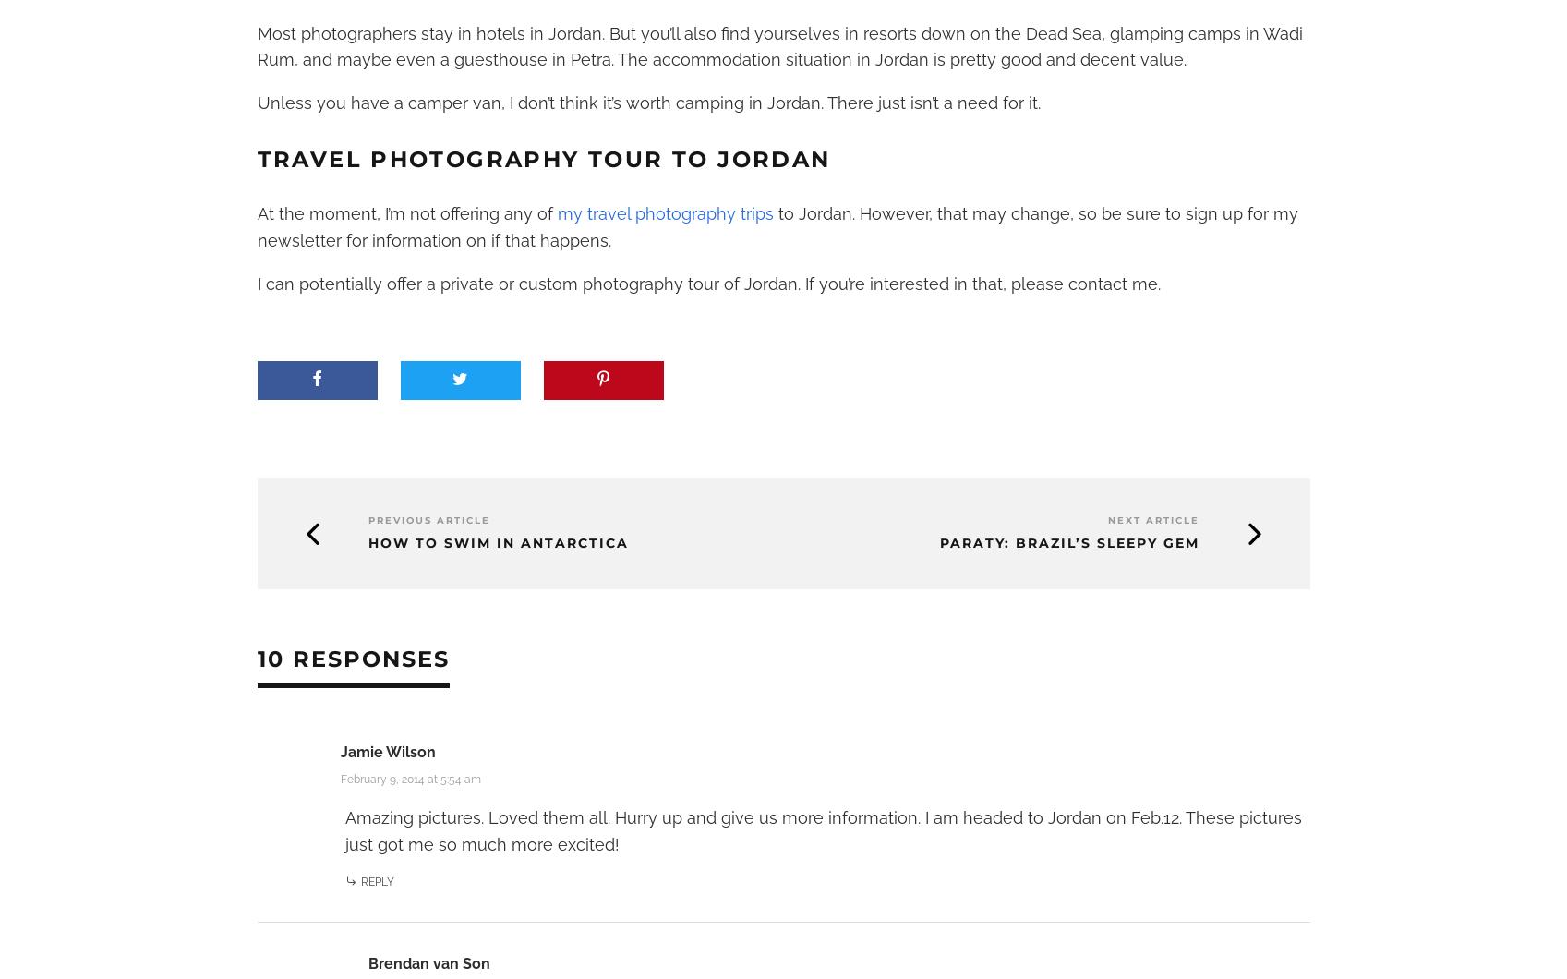 Image resolution: width=1567 pixels, height=979 pixels. What do you see at coordinates (408, 779) in the screenshot?
I see `'February 9, 2014 at 5:54 am'` at bounding box center [408, 779].